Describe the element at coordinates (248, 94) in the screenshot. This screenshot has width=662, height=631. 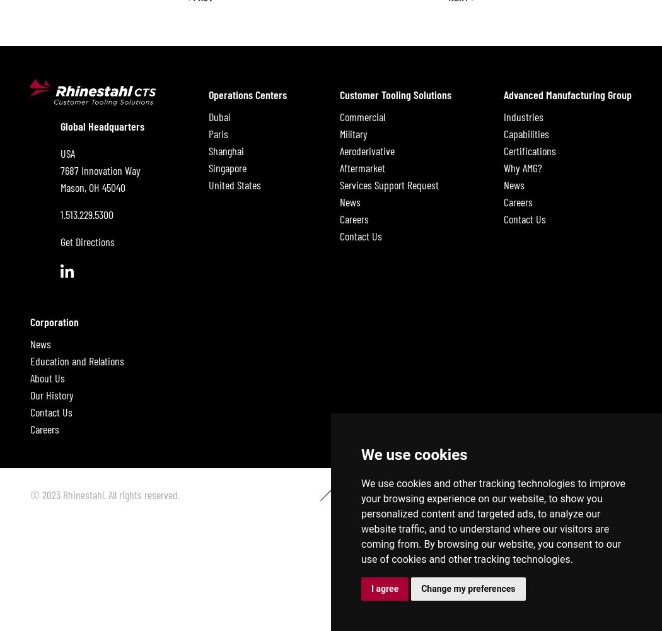
I see `'Operations Centers'` at that location.